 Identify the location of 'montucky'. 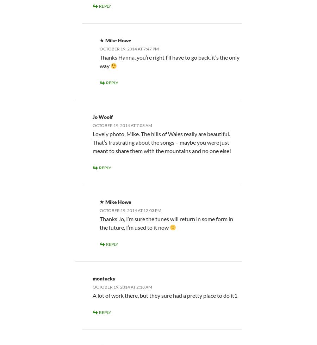
(104, 278).